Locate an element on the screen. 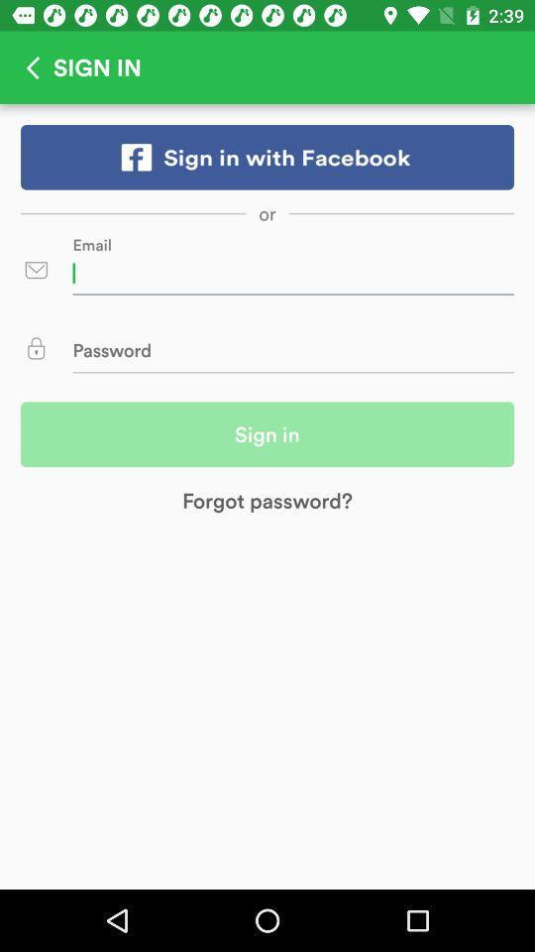  email id is located at coordinates (292, 272).